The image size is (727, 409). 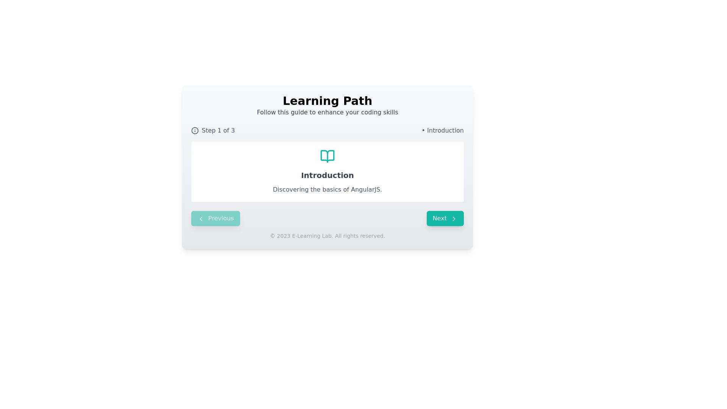 What do you see at coordinates (443, 130) in the screenshot?
I see `the static text label reading '• Introduction' that is styled in gray and located in the upper right corner of the UI` at bounding box center [443, 130].